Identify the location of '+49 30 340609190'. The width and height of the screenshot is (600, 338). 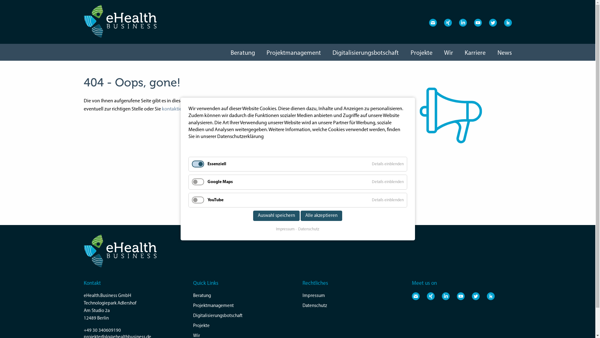
(102, 330).